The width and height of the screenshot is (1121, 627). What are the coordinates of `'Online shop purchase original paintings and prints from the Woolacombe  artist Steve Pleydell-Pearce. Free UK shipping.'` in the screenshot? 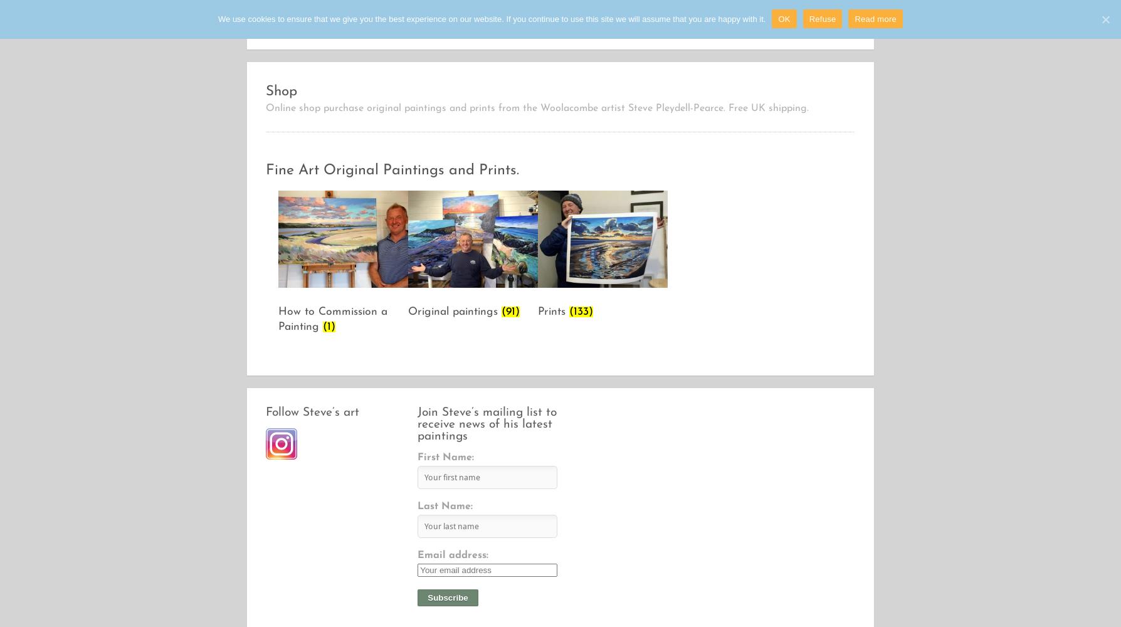 It's located at (536, 108).